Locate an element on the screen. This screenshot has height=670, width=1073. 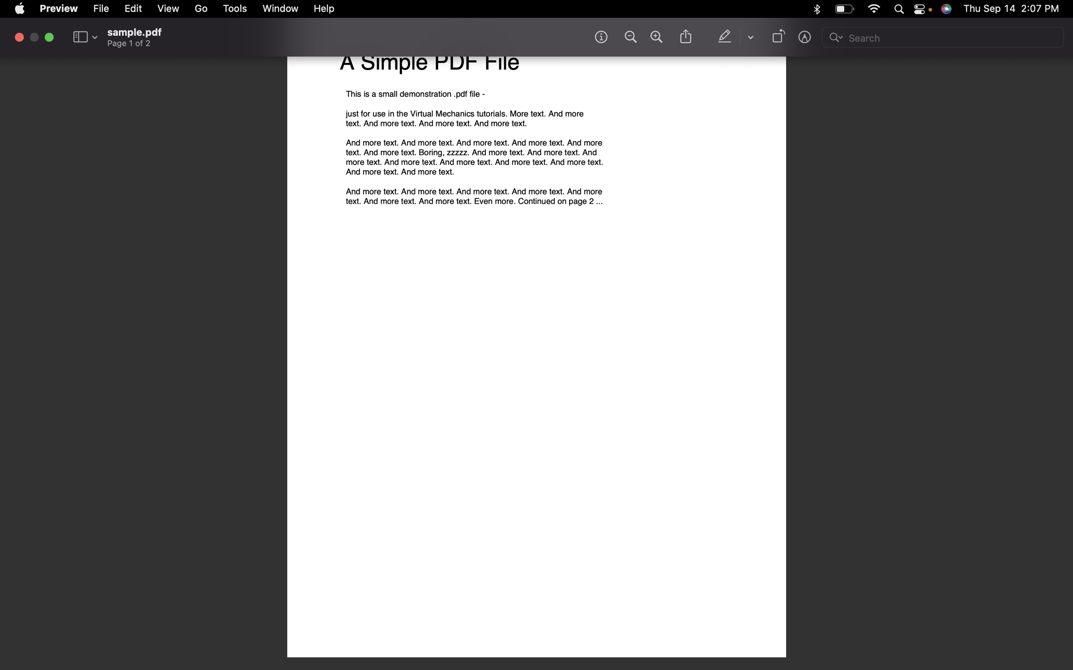
Magnify the content of the document is located at coordinates (656, 37).